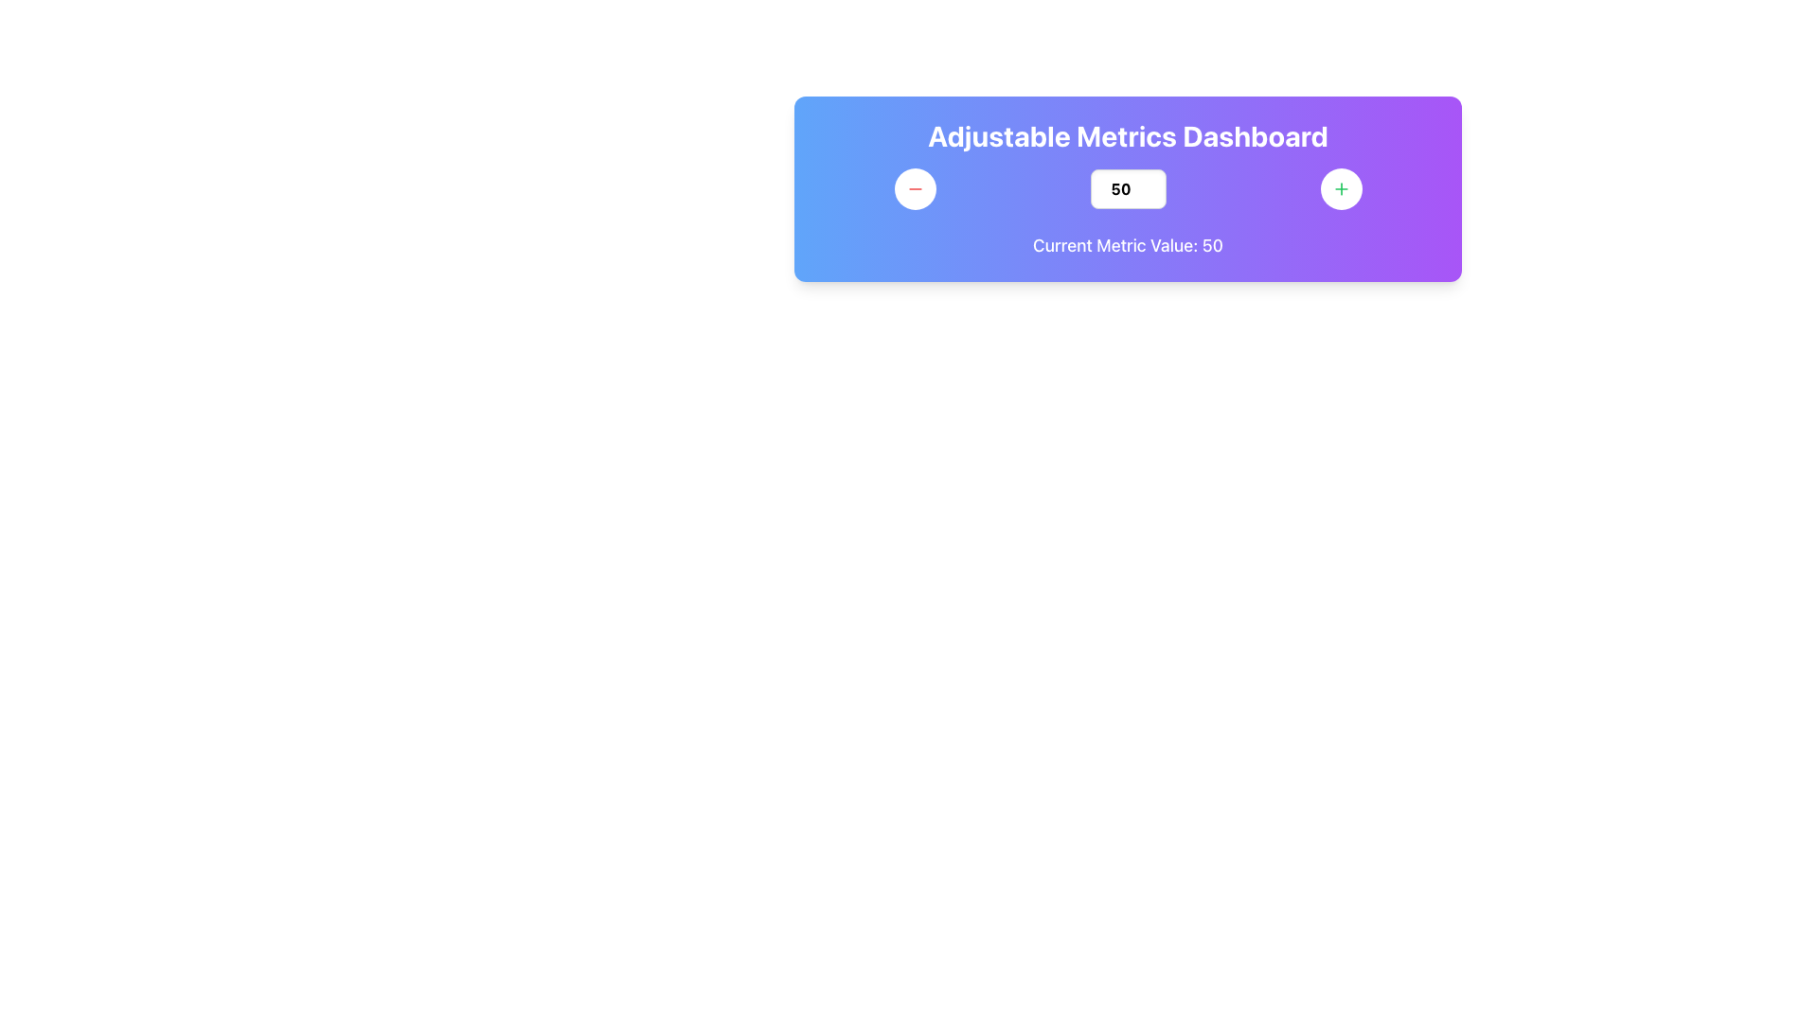 The height and width of the screenshot is (1022, 1818). I want to click on the white circular button with a green plus icon, so click(1340, 189).